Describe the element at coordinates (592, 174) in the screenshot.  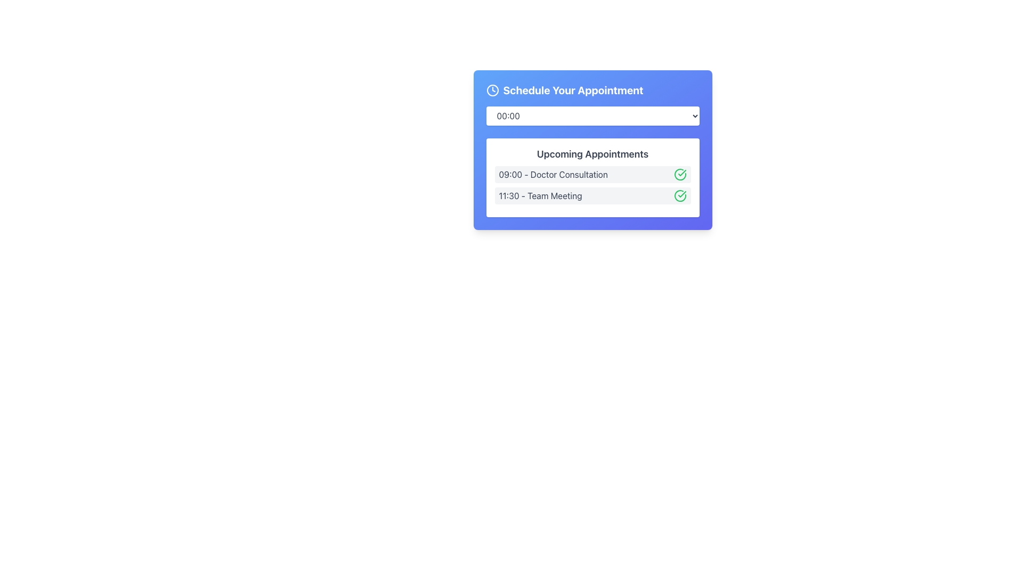
I see `the first item in the list of upcoming appointments displaying '09:00 - Doctor Consultation'` at that location.